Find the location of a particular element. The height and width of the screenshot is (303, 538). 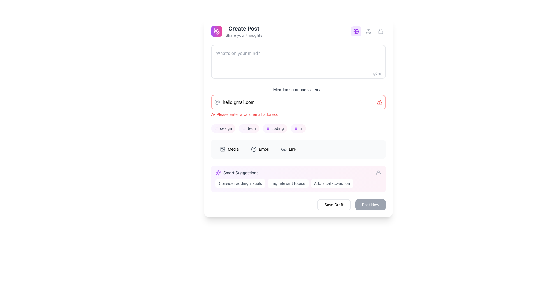

the button featuring a gray link chain icon and the text 'Link', located in the middle portion of the interface below the input fields is located at coordinates (289, 149).